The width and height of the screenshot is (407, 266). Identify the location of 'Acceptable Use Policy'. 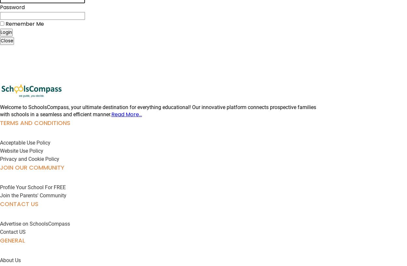
(0, 143).